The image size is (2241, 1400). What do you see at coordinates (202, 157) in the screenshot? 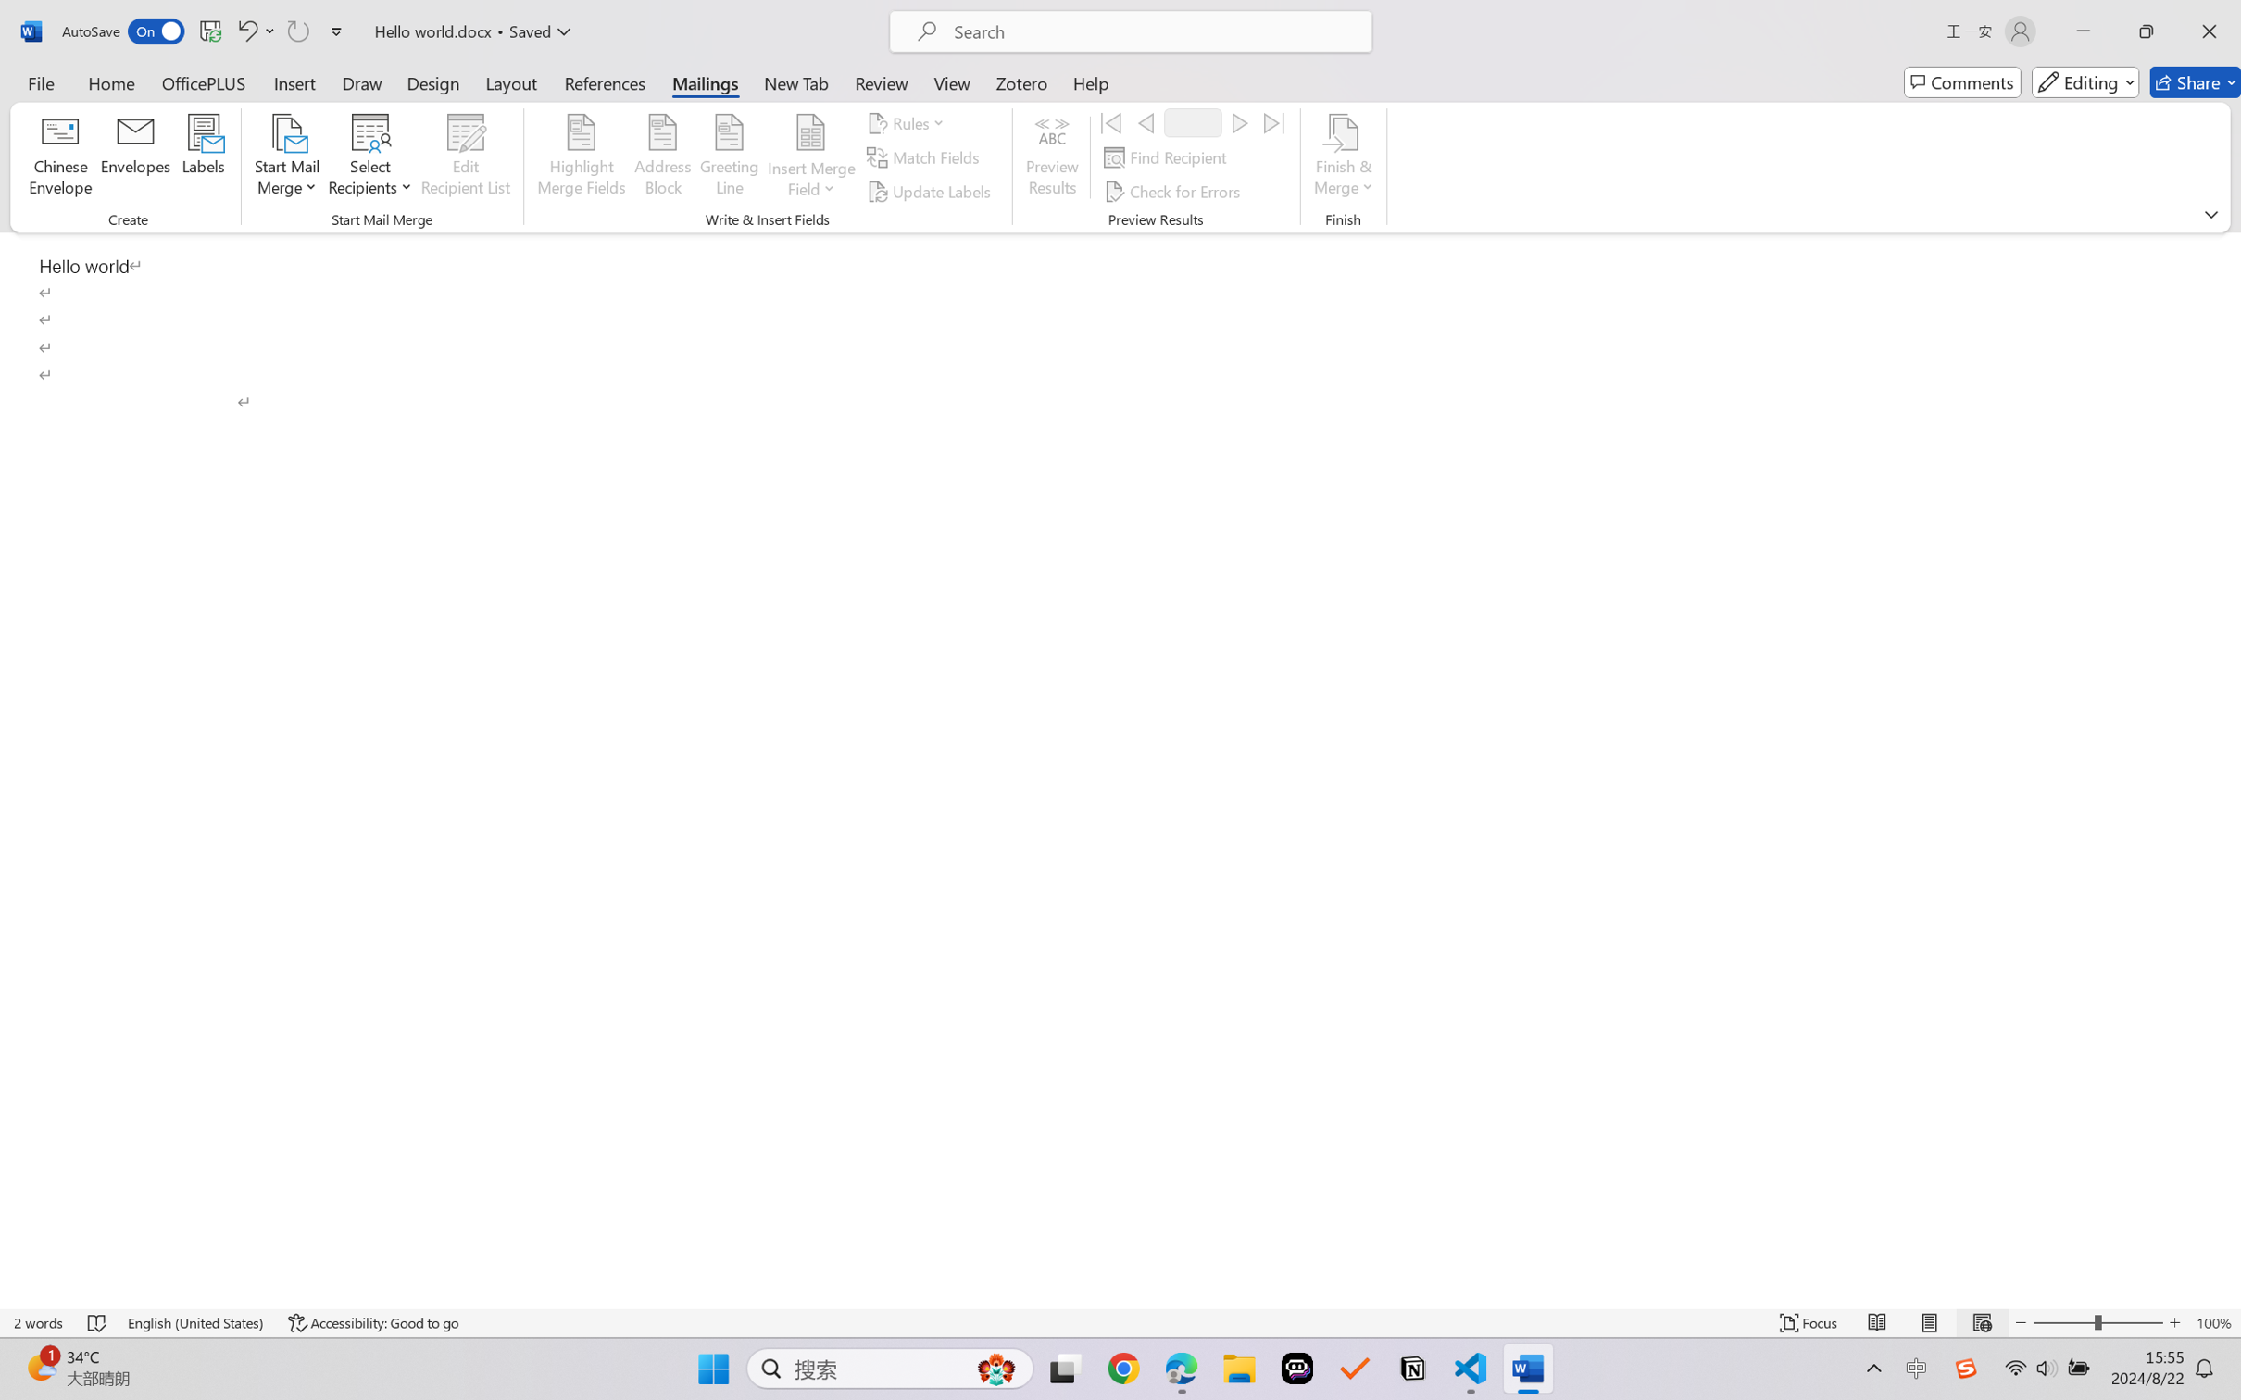
I see `'Labels...'` at bounding box center [202, 157].